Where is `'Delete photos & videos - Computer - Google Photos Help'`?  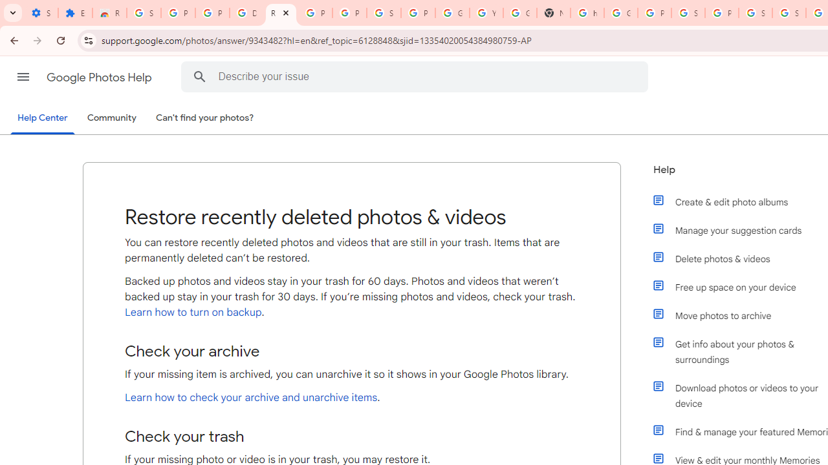 'Delete photos & videos - Computer - Google Photos Help' is located at coordinates (246, 13).